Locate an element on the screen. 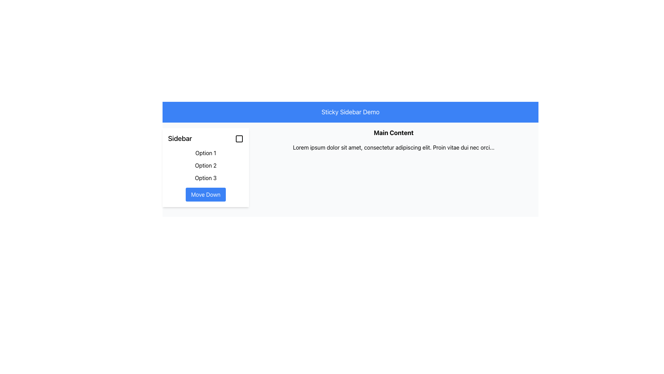  the 'Option 2' link in the sidebar is located at coordinates (205, 166).